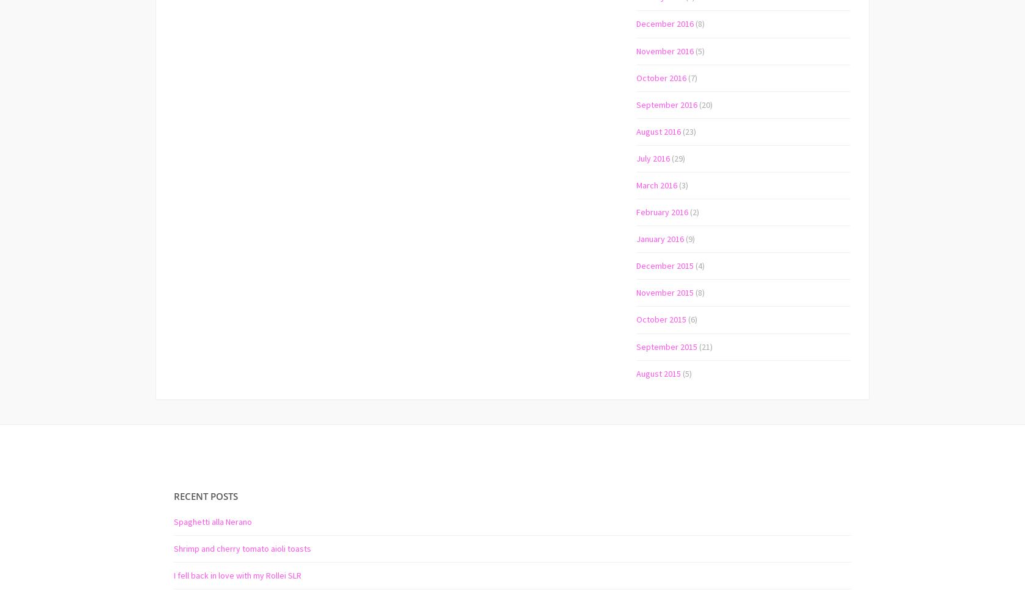  Describe the element at coordinates (636, 265) in the screenshot. I see `'December 2015'` at that location.